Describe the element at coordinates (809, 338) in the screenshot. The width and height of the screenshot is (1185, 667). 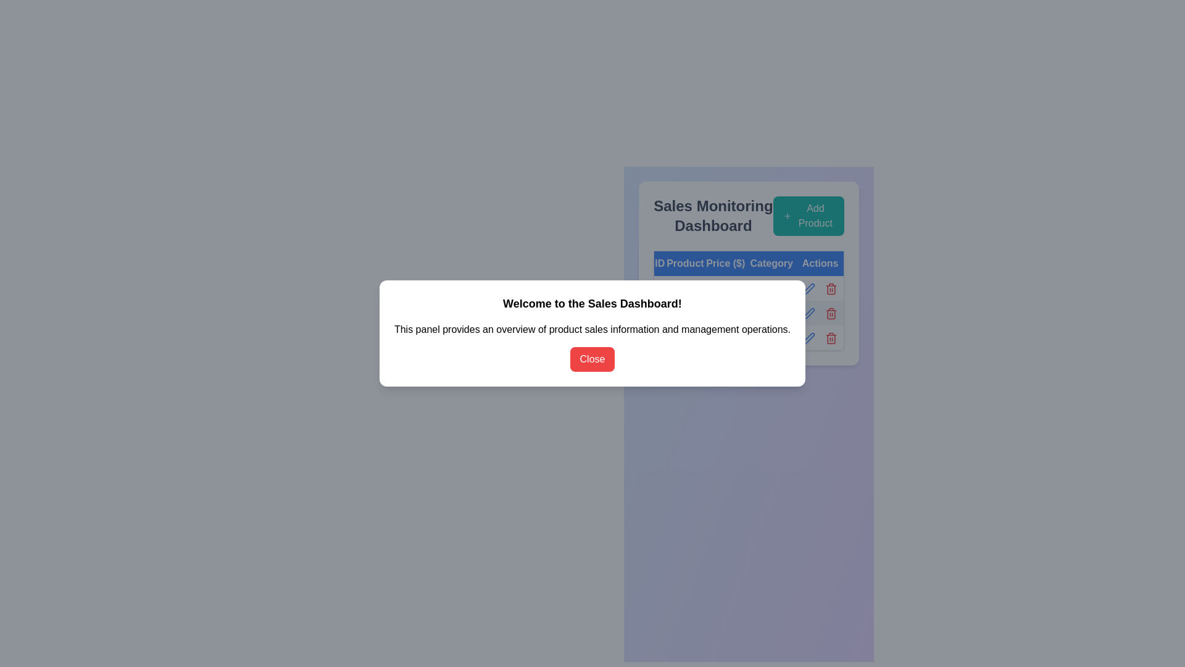
I see `the blue pencil icon in the 'Actions' column` at that location.